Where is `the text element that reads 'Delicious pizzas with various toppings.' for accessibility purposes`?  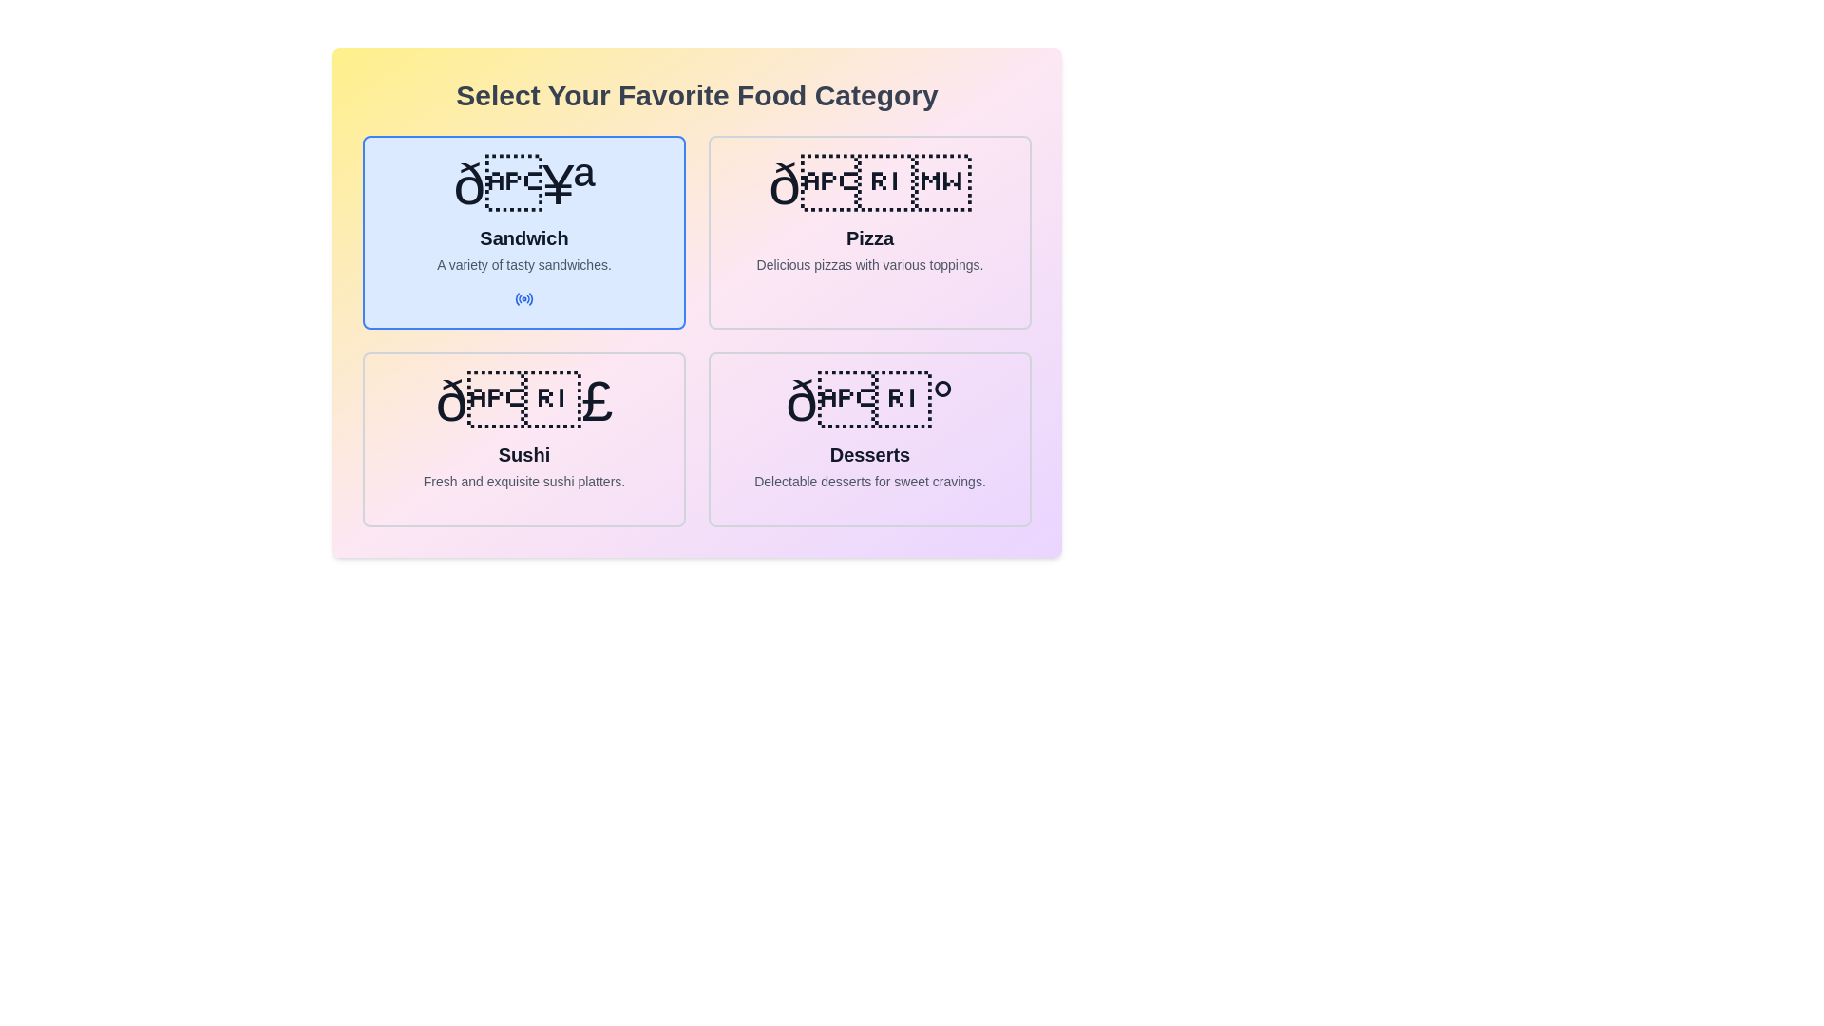 the text element that reads 'Delicious pizzas with various toppings.' for accessibility purposes is located at coordinates (869, 264).